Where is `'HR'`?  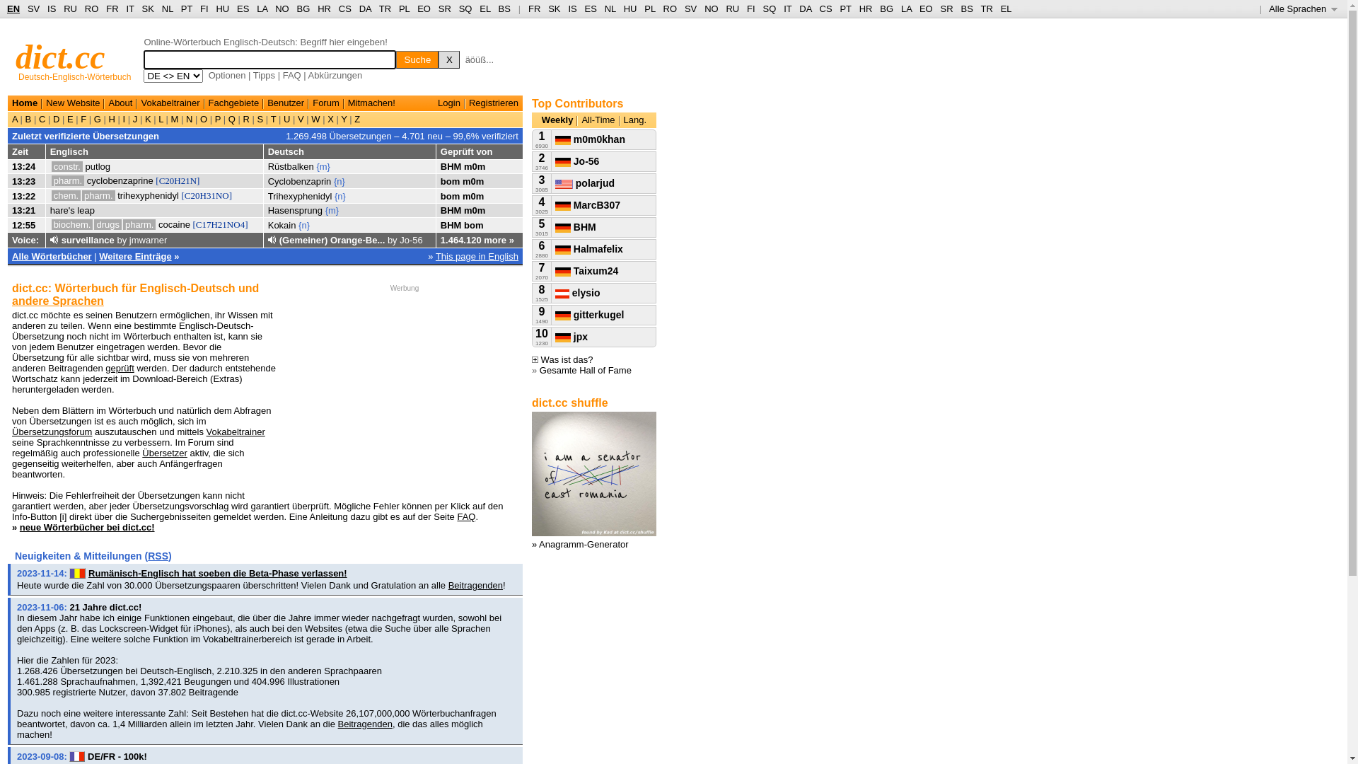
'HR' is located at coordinates (323, 8).